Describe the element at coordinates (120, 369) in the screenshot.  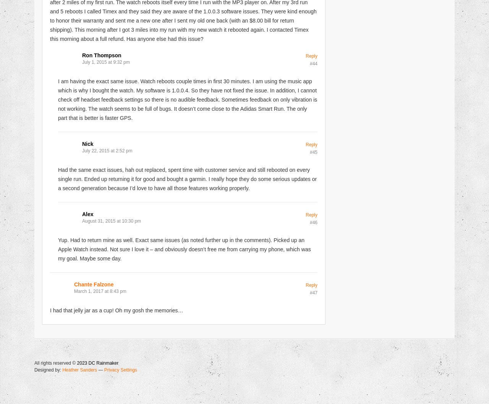
I see `'Privacy Settings'` at that location.